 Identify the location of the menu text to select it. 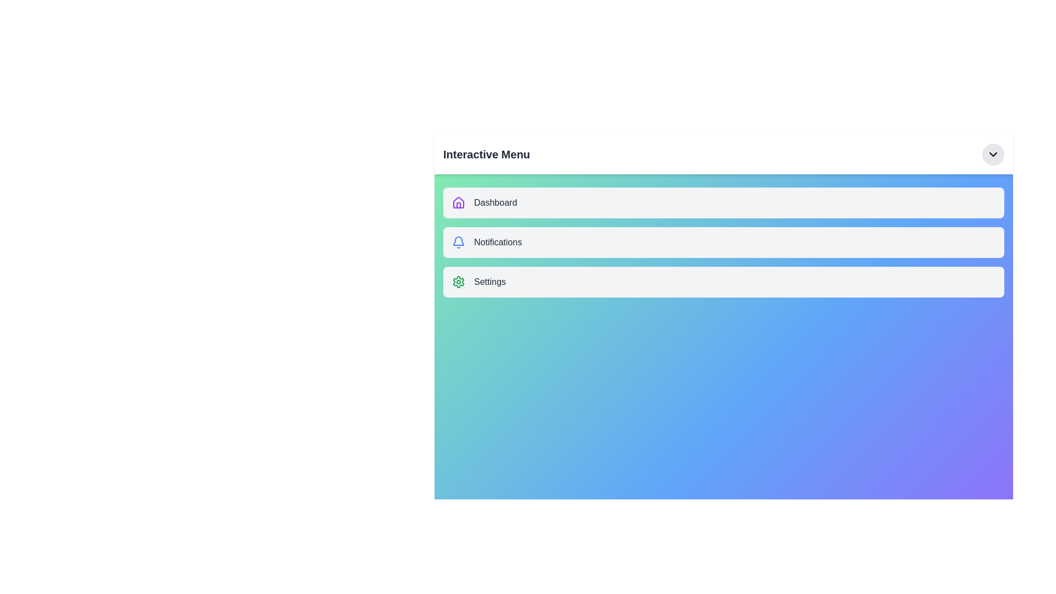
(486, 155).